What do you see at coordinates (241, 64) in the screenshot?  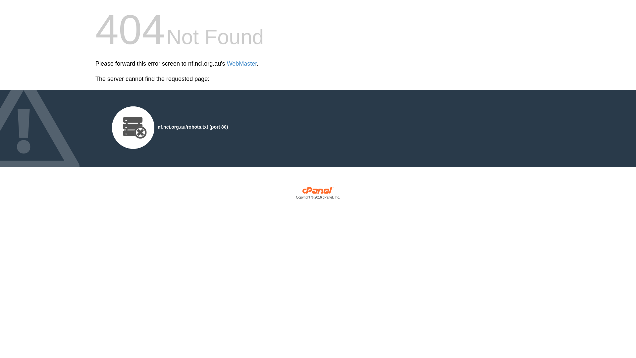 I see `'WebMaster'` at bounding box center [241, 64].